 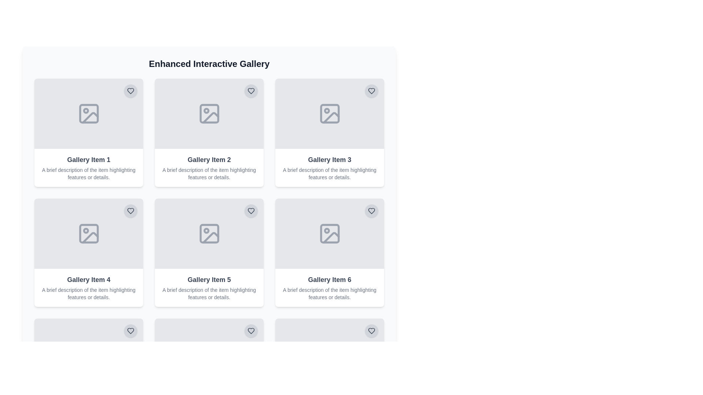 I want to click on the heart icon in the top-right corner of the sixth gallery item, so click(x=371, y=211).